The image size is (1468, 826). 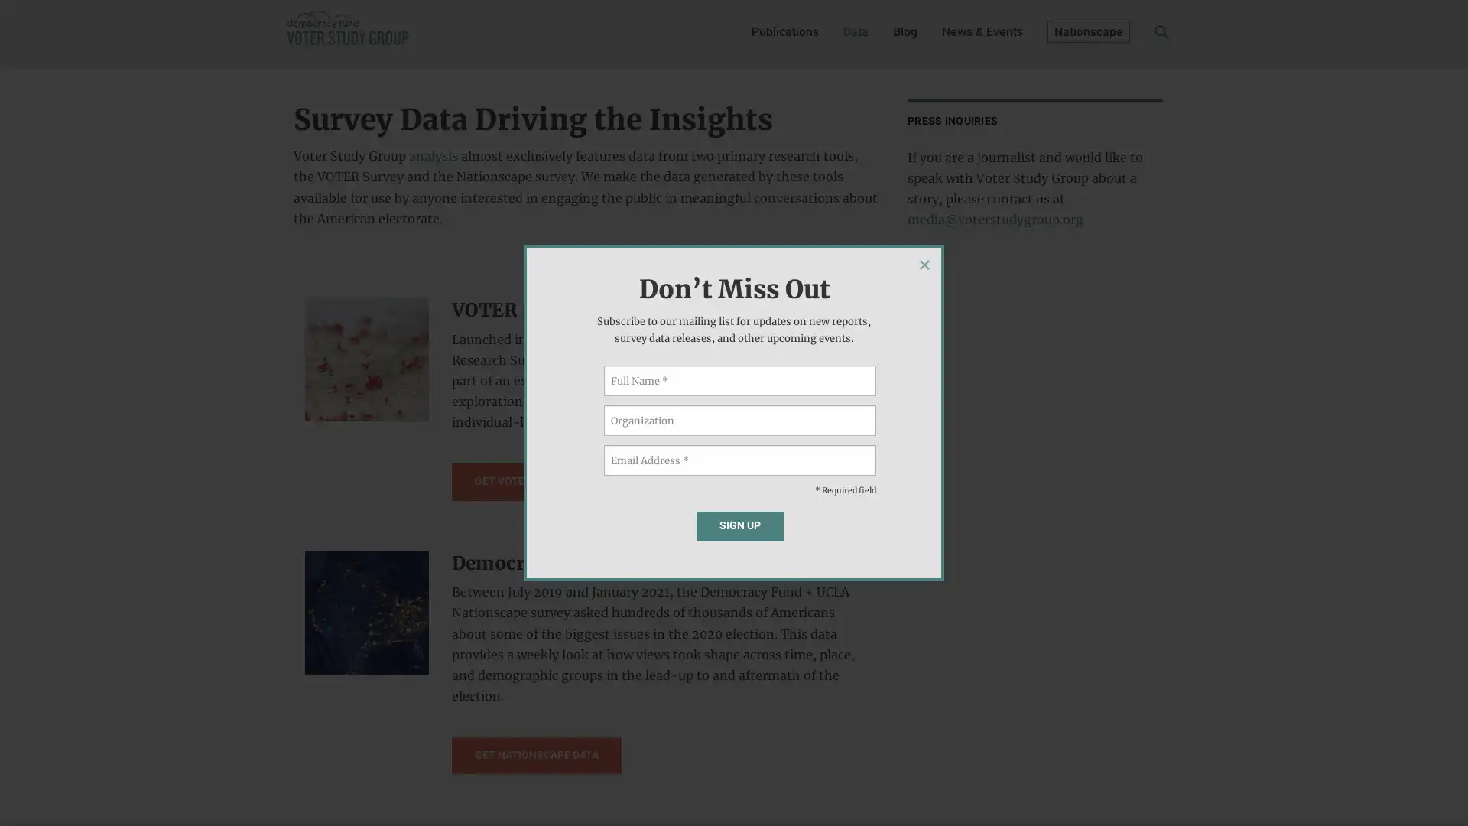 I want to click on SEARCH, so click(x=1138, y=35).